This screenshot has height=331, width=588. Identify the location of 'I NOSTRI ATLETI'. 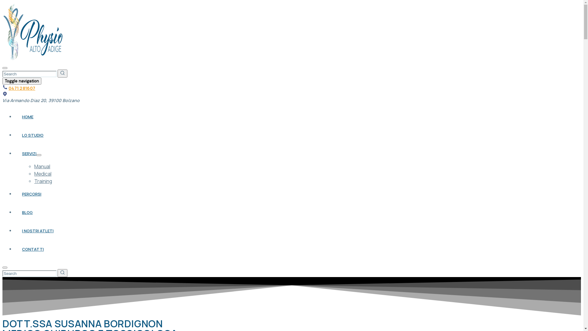
(37, 230).